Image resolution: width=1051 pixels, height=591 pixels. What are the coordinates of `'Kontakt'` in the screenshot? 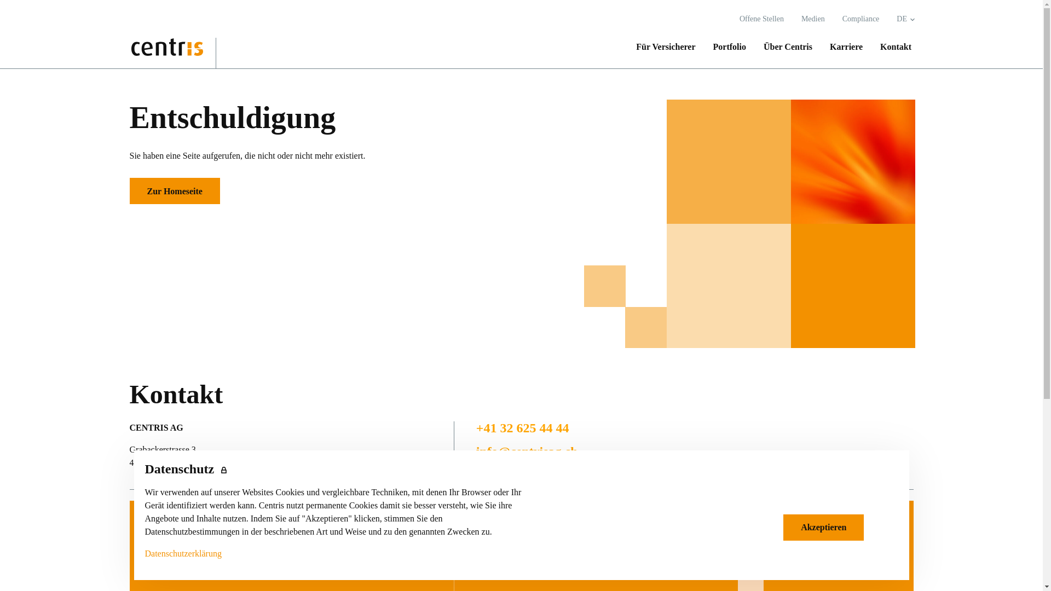 It's located at (891, 46).